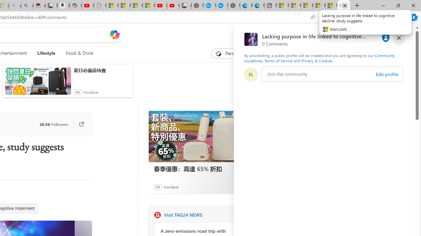 The height and width of the screenshot is (236, 421). I want to click on 'close', so click(398, 38).